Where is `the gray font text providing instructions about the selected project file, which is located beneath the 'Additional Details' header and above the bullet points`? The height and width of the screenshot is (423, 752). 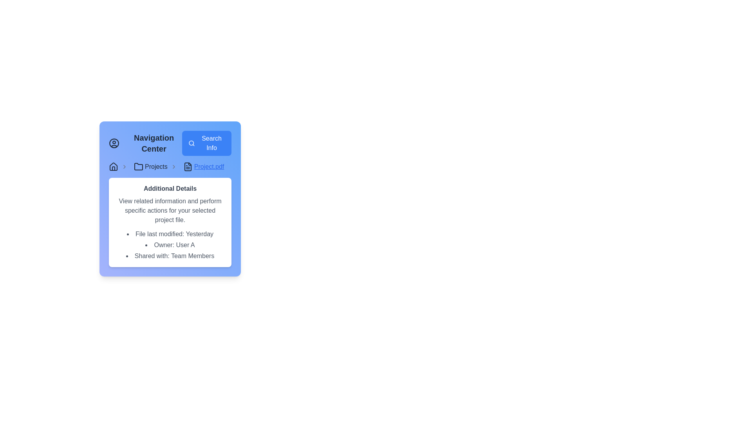 the gray font text providing instructions about the selected project file, which is located beneath the 'Additional Details' header and above the bullet points is located at coordinates (170, 210).